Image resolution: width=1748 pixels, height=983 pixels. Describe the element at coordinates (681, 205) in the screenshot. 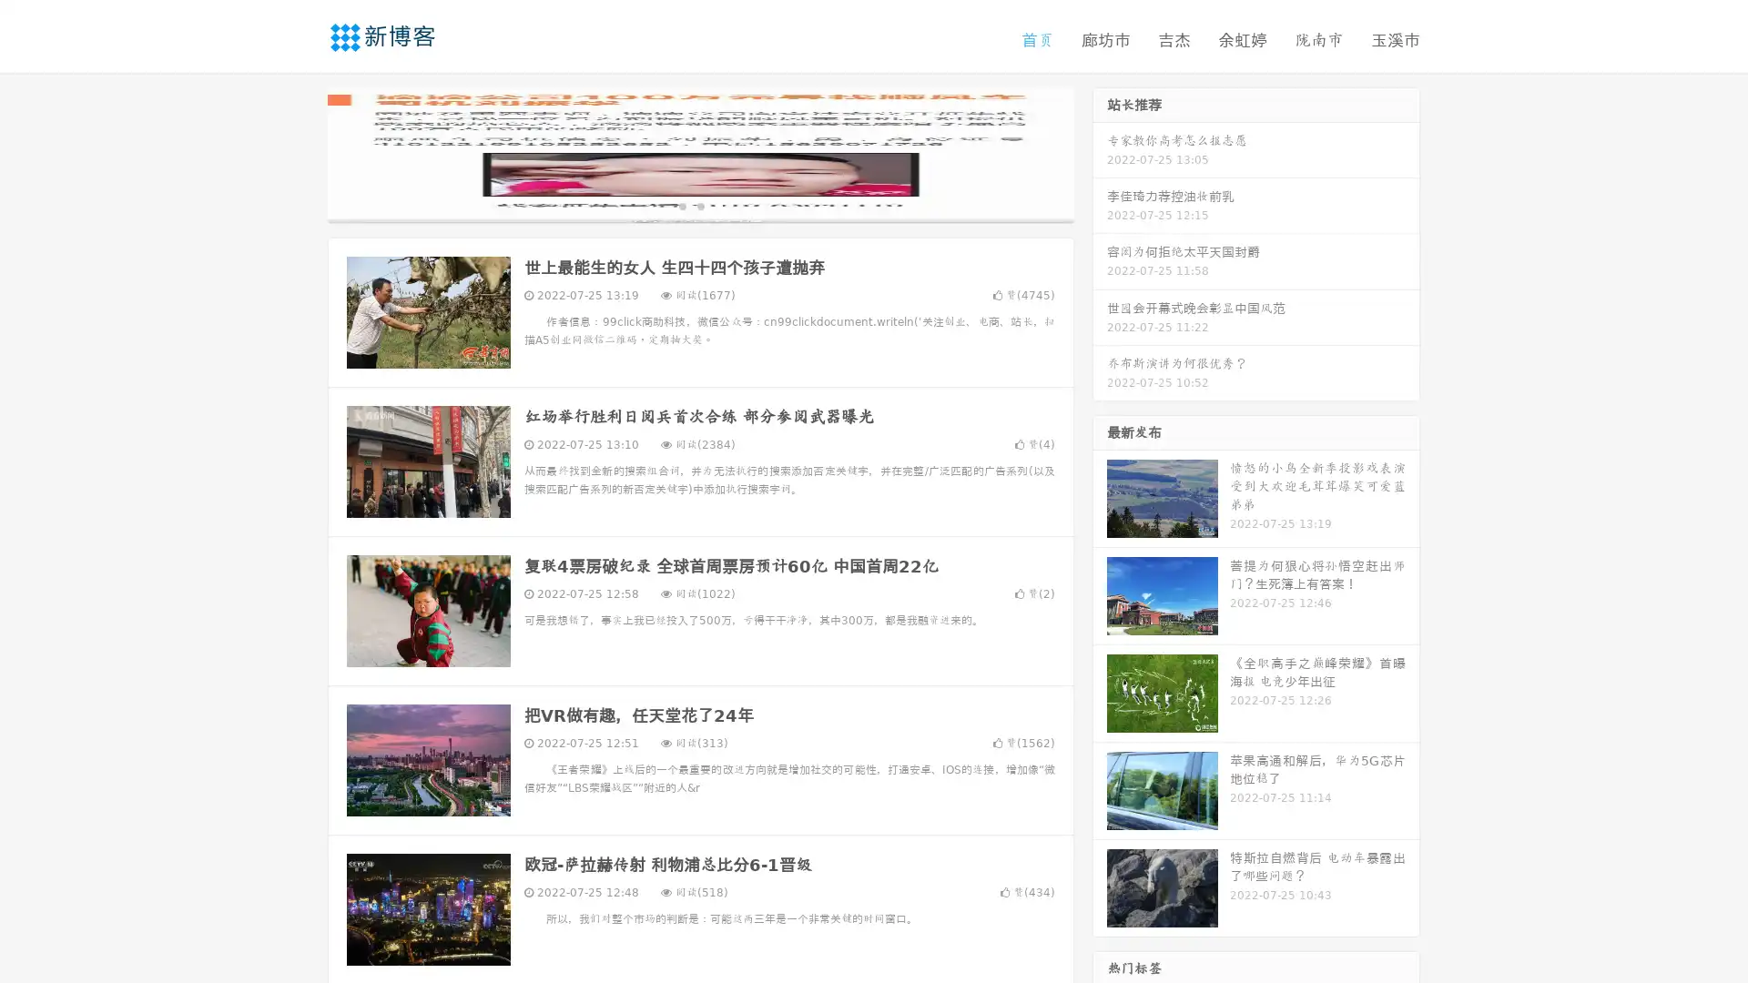

I see `Go to slide 1` at that location.